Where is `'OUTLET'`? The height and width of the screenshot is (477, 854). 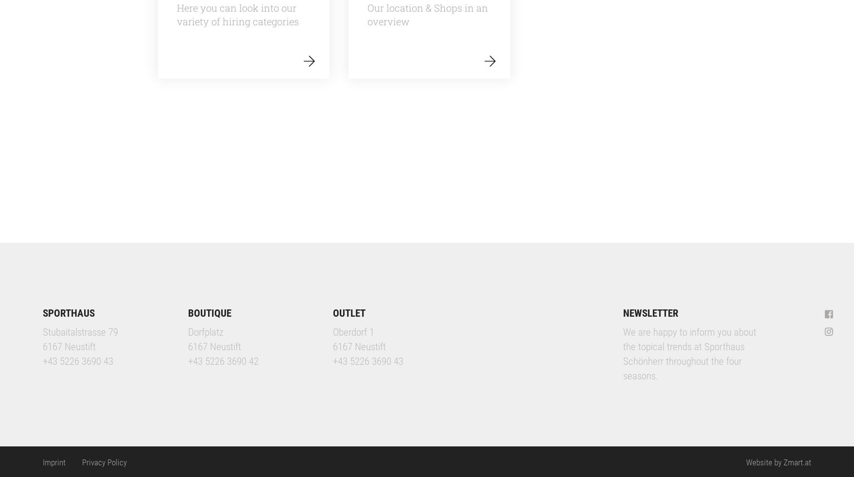
'OUTLET' is located at coordinates (349, 312).